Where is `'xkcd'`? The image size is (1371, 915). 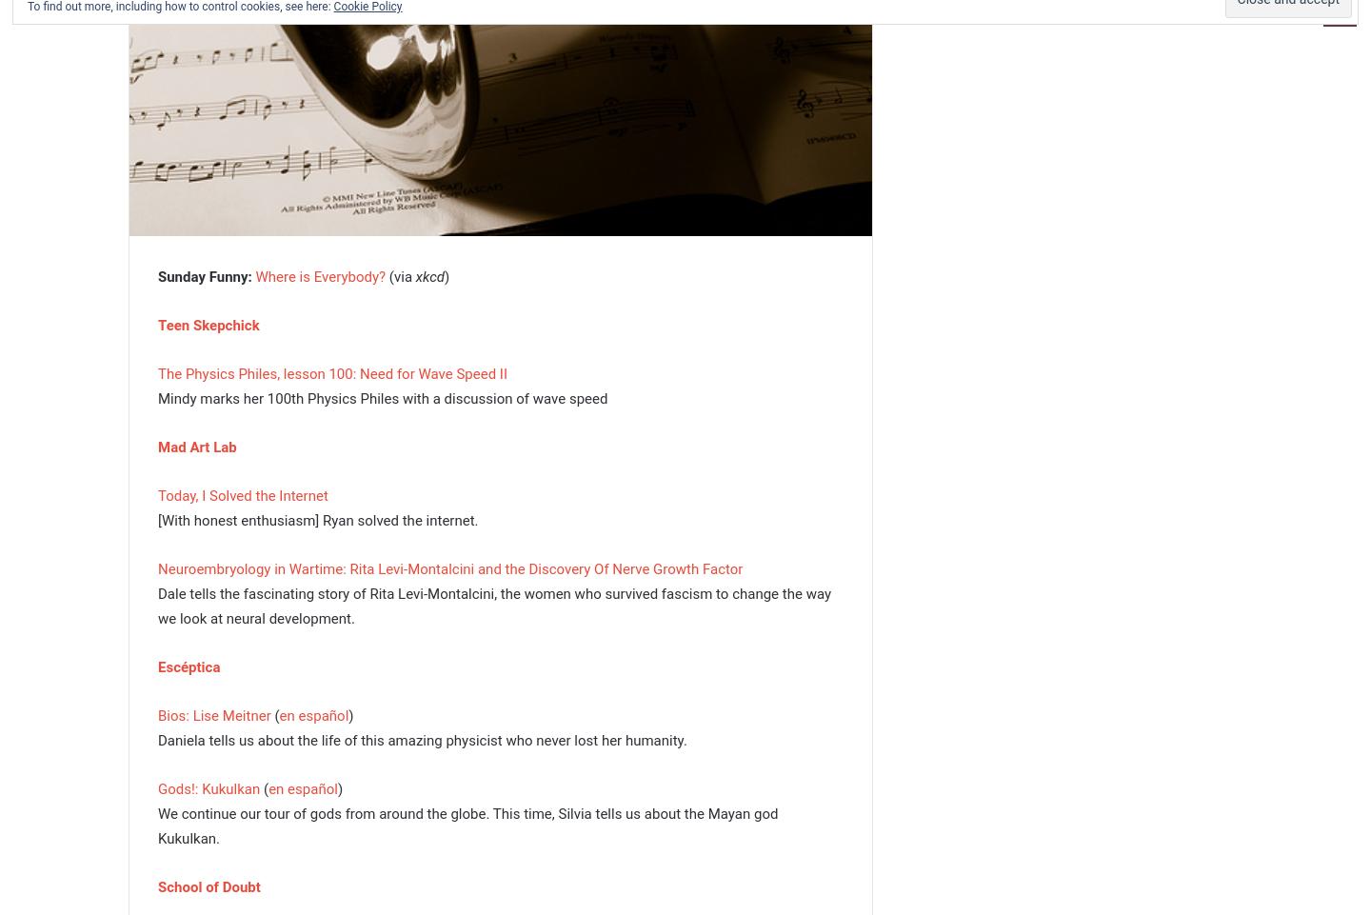 'xkcd' is located at coordinates (415, 276).